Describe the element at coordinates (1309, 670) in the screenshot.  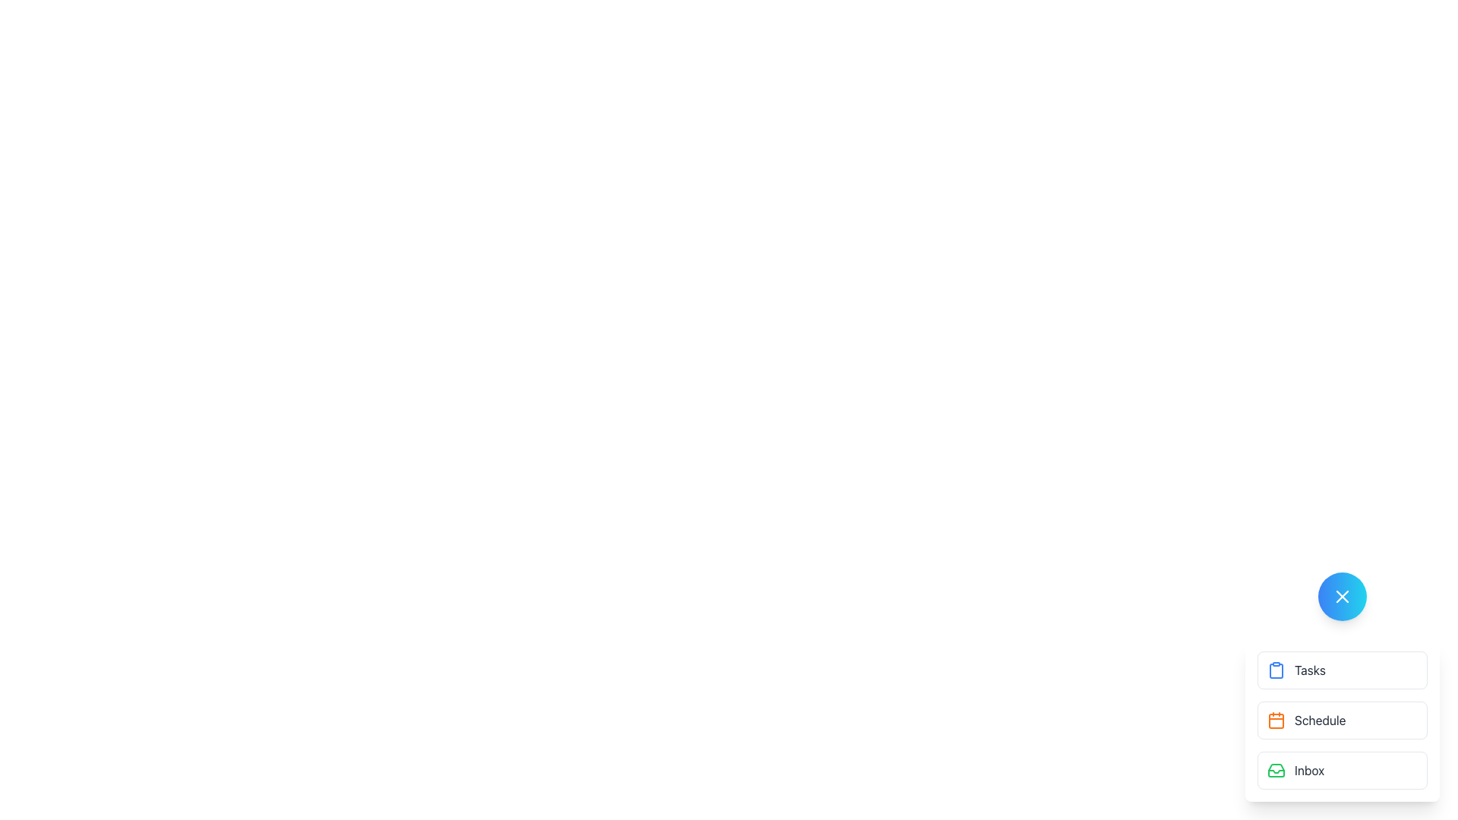
I see `the 'Tasks' text label` at that location.